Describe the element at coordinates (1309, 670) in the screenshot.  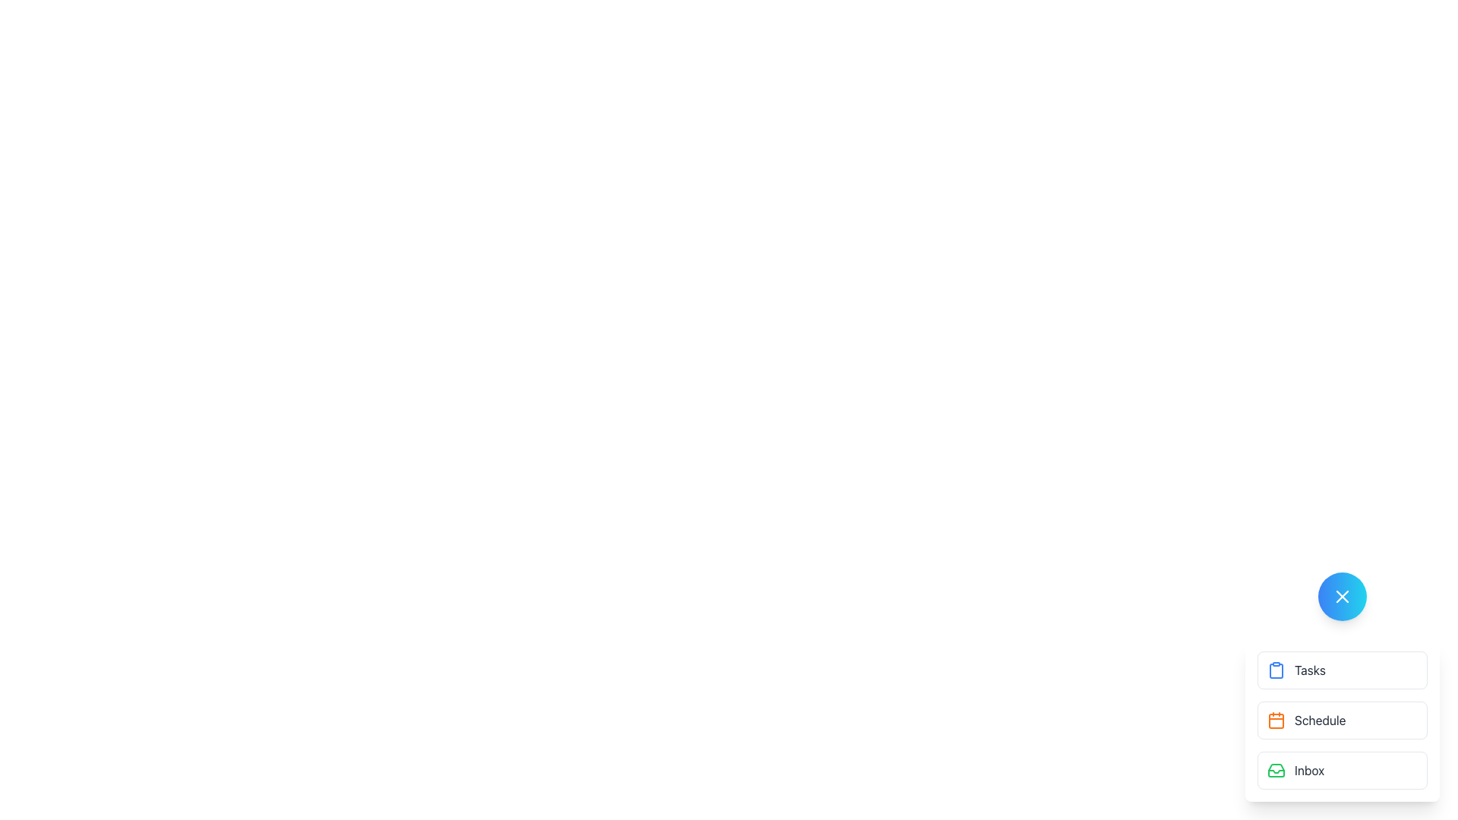
I see `the 'Tasks' text label` at that location.